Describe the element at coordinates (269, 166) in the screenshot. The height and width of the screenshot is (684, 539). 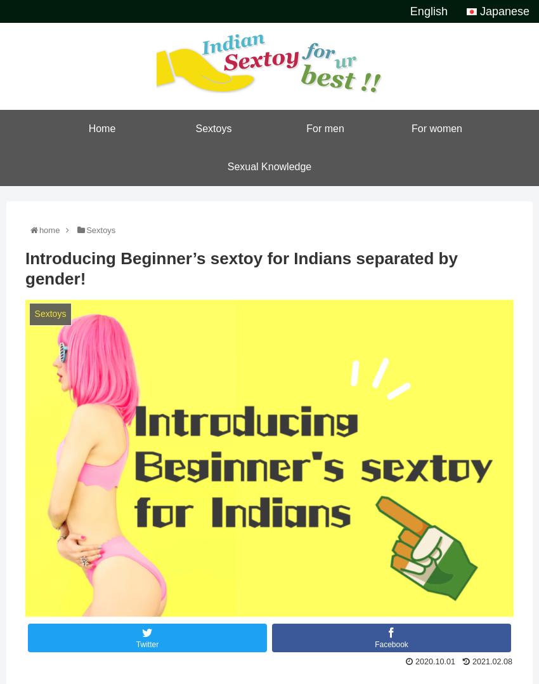
I see `'Sexual Knowledge'` at that location.